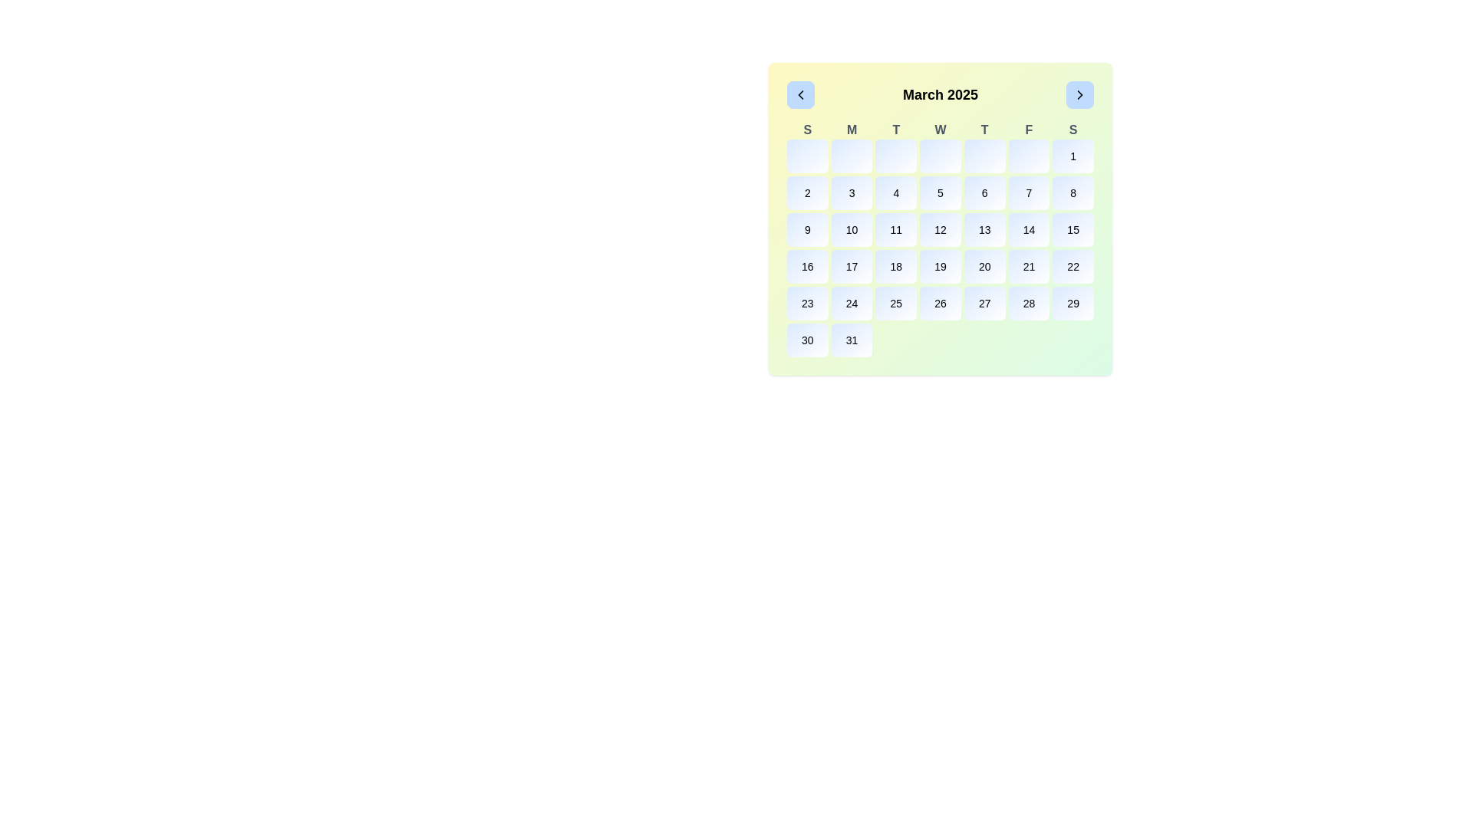 The height and width of the screenshot is (828, 1473). What do you see at coordinates (939, 129) in the screenshot?
I see `the gray text label 'W' that signifies Wednesday, positioned centrally between 'T' (Tuesday) and 'T' (Thursday) in the grid layout` at bounding box center [939, 129].